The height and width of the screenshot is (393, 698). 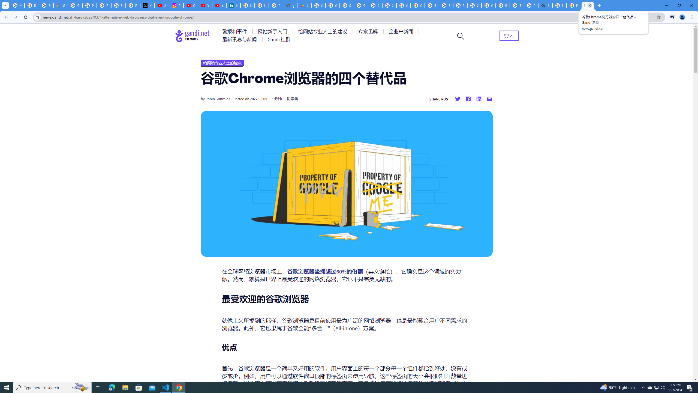 What do you see at coordinates (489, 99) in the screenshot?
I see `'Share by mail'` at bounding box center [489, 99].